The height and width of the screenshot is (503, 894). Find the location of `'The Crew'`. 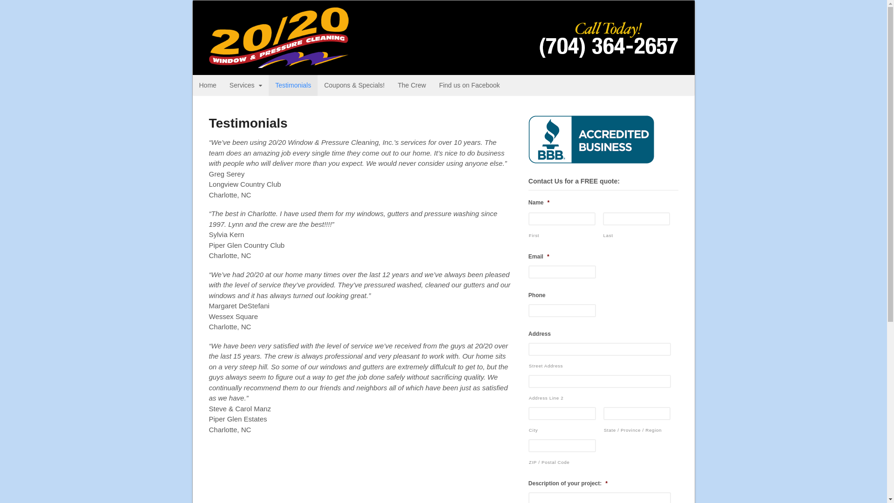

'The Crew' is located at coordinates (411, 85).